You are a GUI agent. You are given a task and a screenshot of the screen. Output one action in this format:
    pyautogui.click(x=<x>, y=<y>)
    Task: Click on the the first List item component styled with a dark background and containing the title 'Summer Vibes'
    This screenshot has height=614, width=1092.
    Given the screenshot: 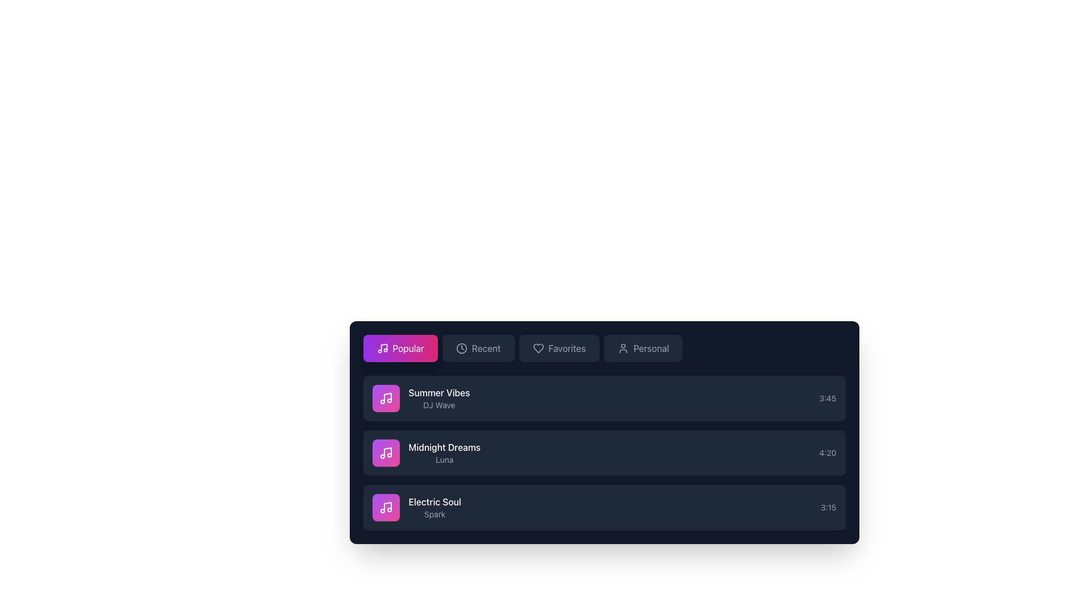 What is the action you would take?
    pyautogui.click(x=603, y=398)
    